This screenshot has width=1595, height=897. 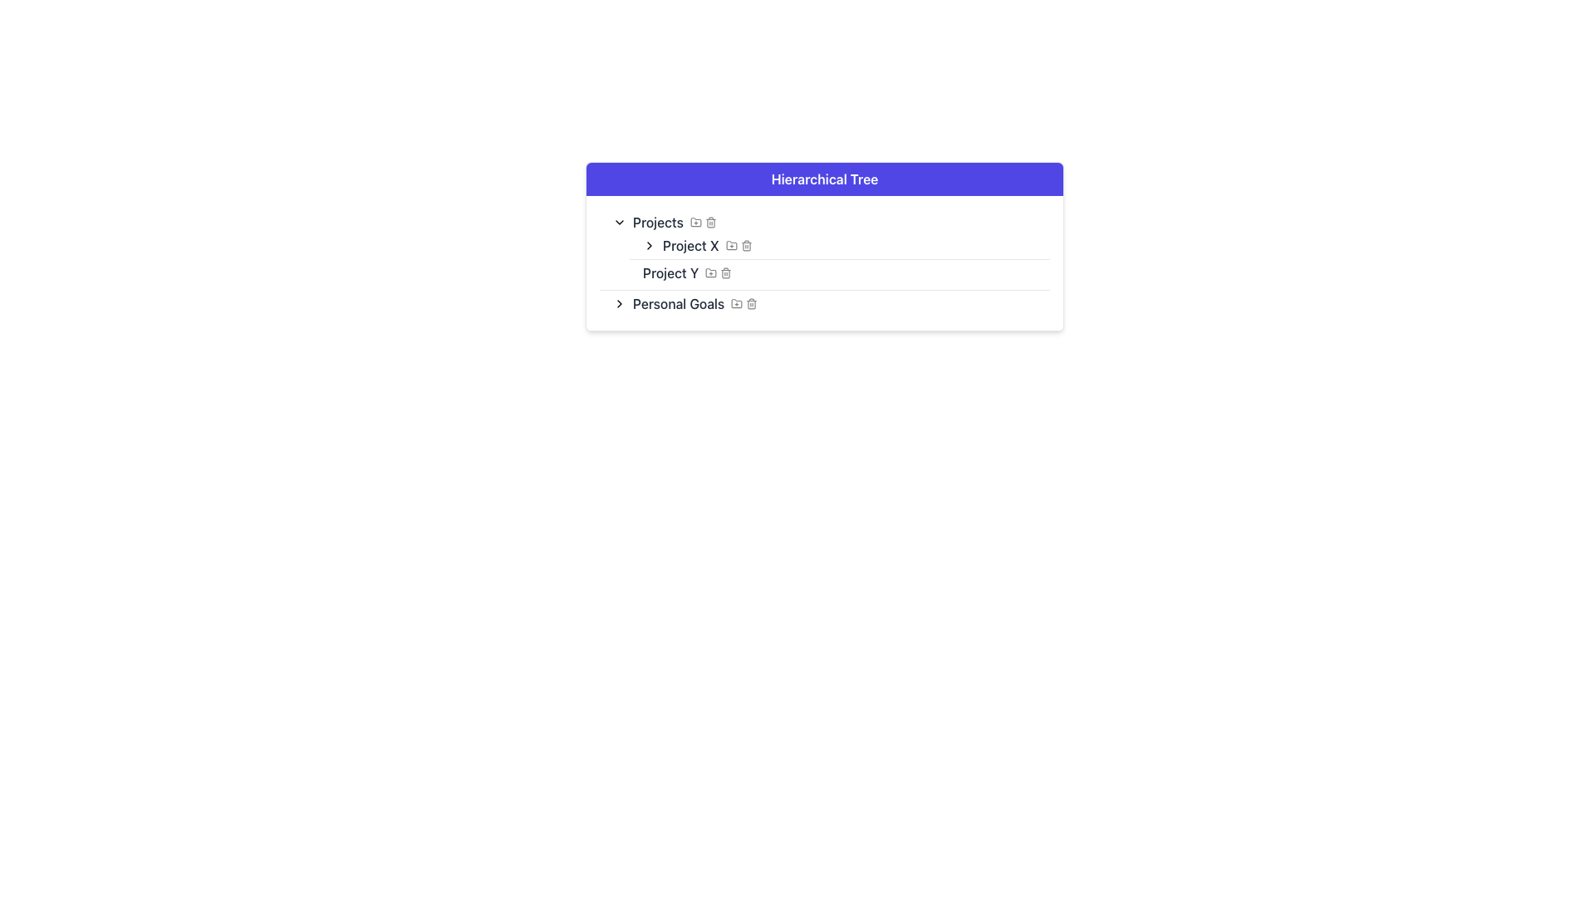 What do you see at coordinates (690, 246) in the screenshot?
I see `the Text Label that represents a project item in the hierarchical tree structure` at bounding box center [690, 246].